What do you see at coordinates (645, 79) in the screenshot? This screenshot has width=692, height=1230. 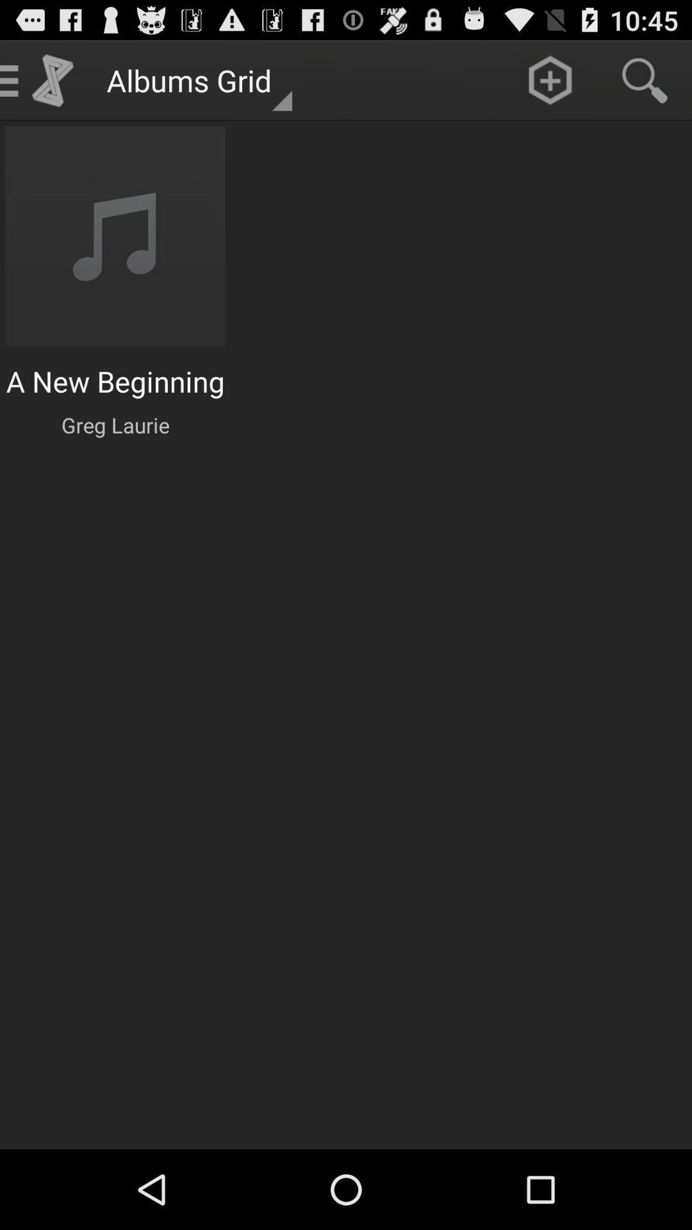 I see `search` at bounding box center [645, 79].